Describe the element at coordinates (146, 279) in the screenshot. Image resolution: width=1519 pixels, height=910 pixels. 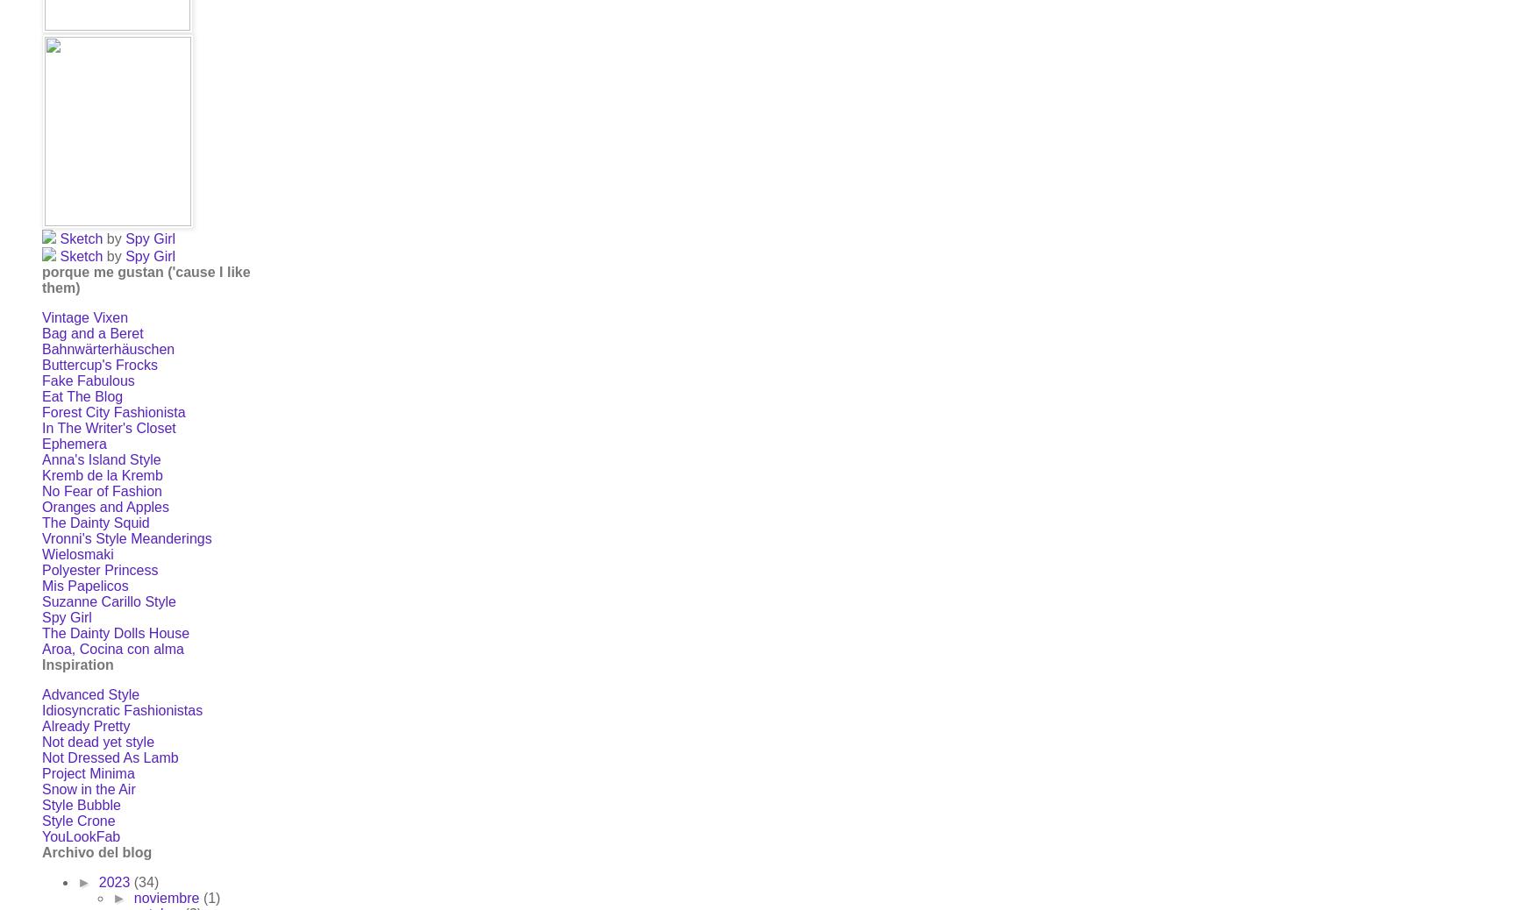
I see `'porque me gustan  ('cause I like them)'` at that location.